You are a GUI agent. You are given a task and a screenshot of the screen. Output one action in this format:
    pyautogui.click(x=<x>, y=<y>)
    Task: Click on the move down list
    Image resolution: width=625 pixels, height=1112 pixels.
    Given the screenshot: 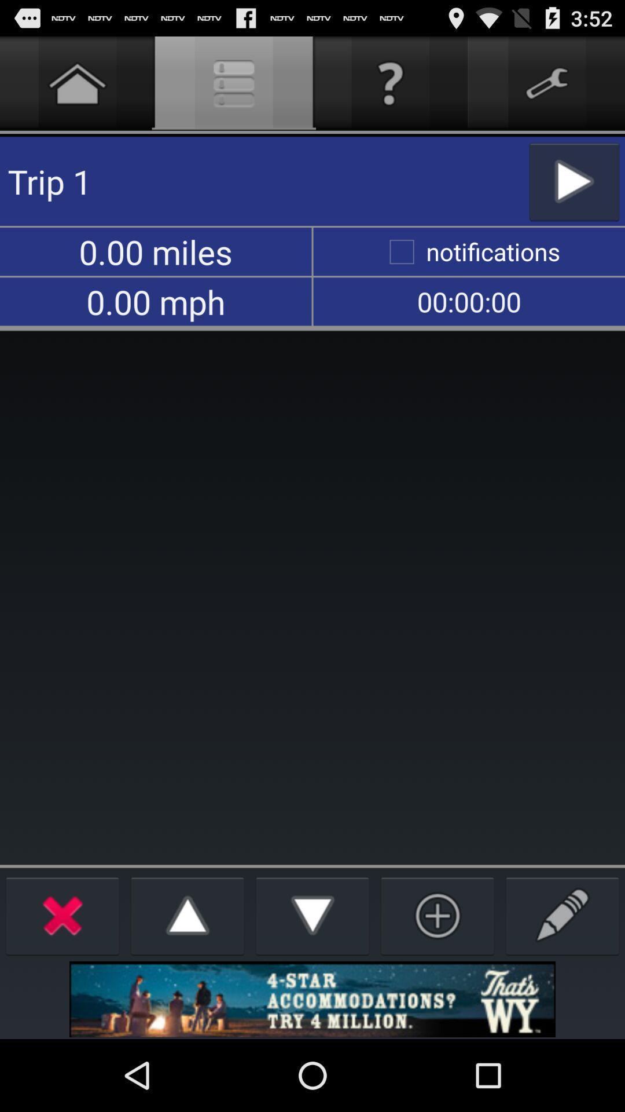 What is the action you would take?
    pyautogui.click(x=312, y=915)
    